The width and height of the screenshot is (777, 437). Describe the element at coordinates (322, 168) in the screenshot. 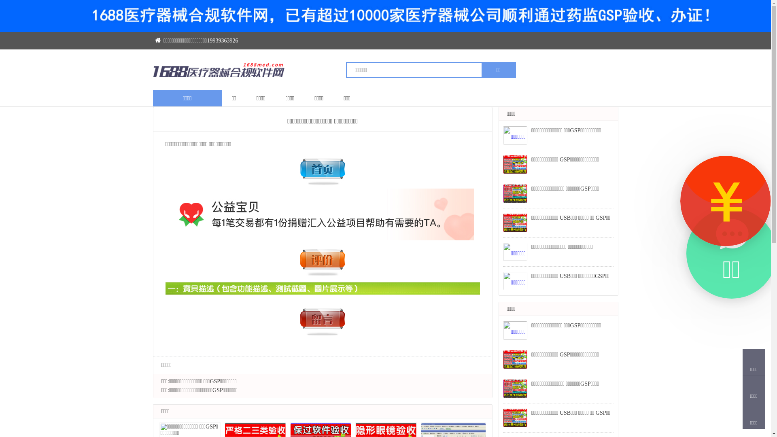

I see `'x2.jpg'` at that location.